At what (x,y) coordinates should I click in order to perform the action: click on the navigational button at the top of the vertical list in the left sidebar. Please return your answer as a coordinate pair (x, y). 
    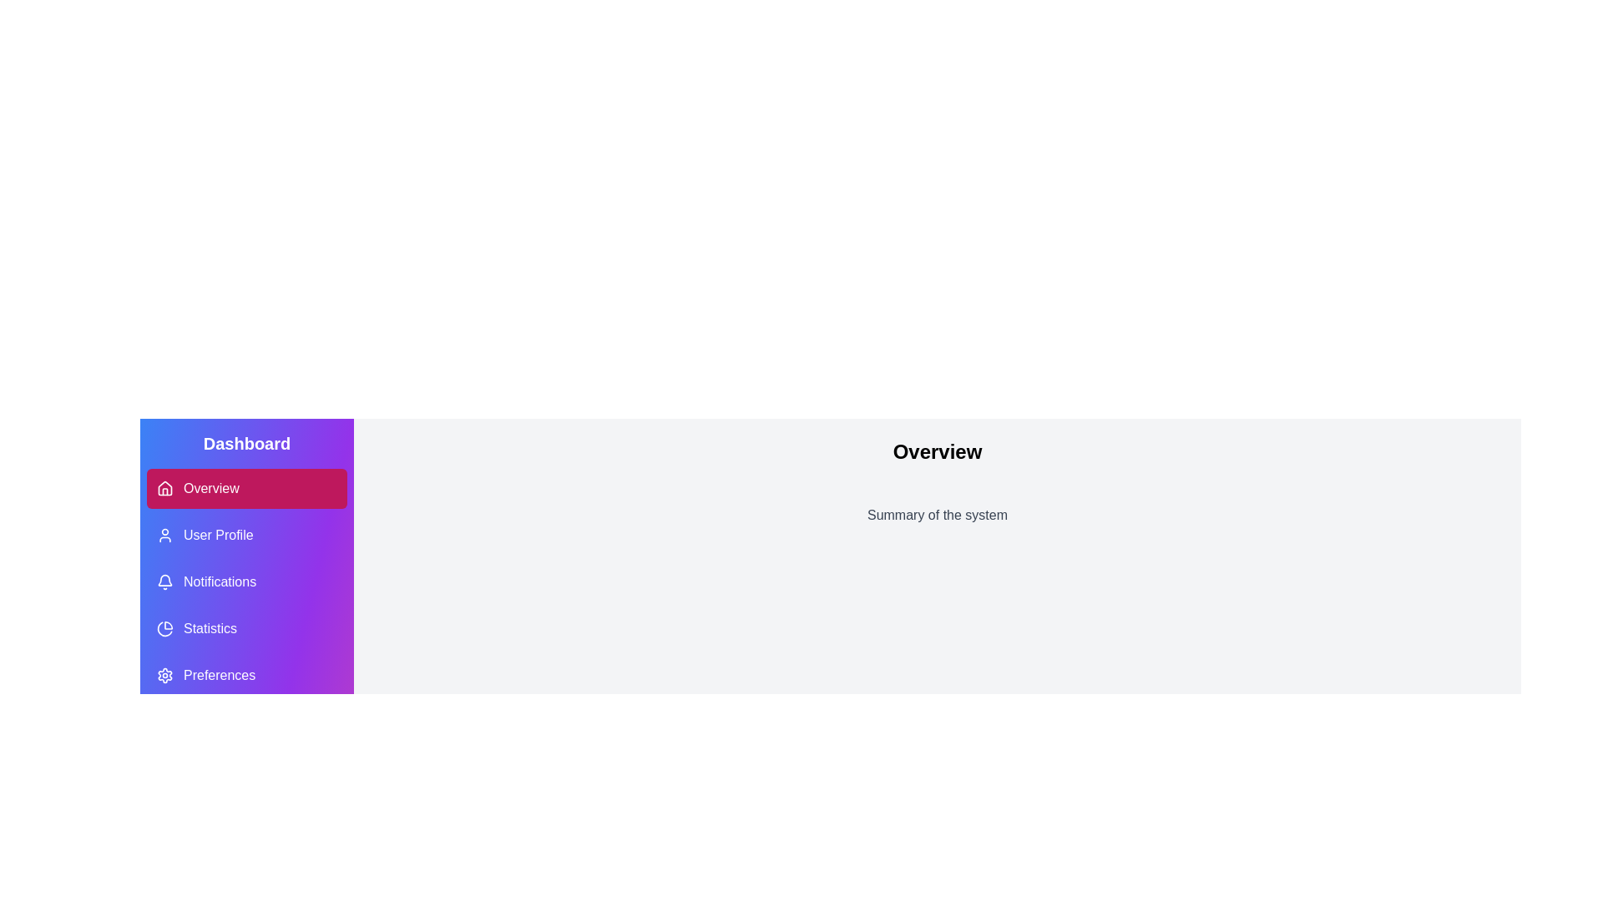
    Looking at the image, I should click on (246, 488).